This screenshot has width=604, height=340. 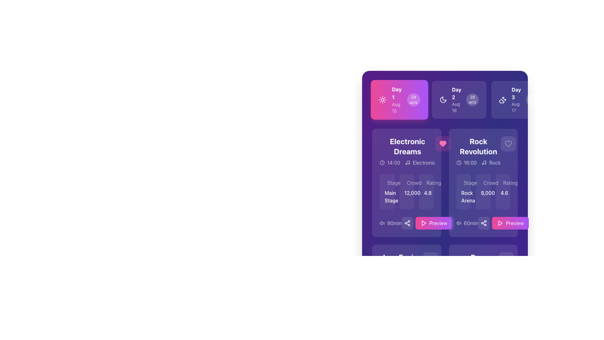 I want to click on the date indicator Label located below 'Day 3' in the top-right area of the interface, so click(x=516, y=107).